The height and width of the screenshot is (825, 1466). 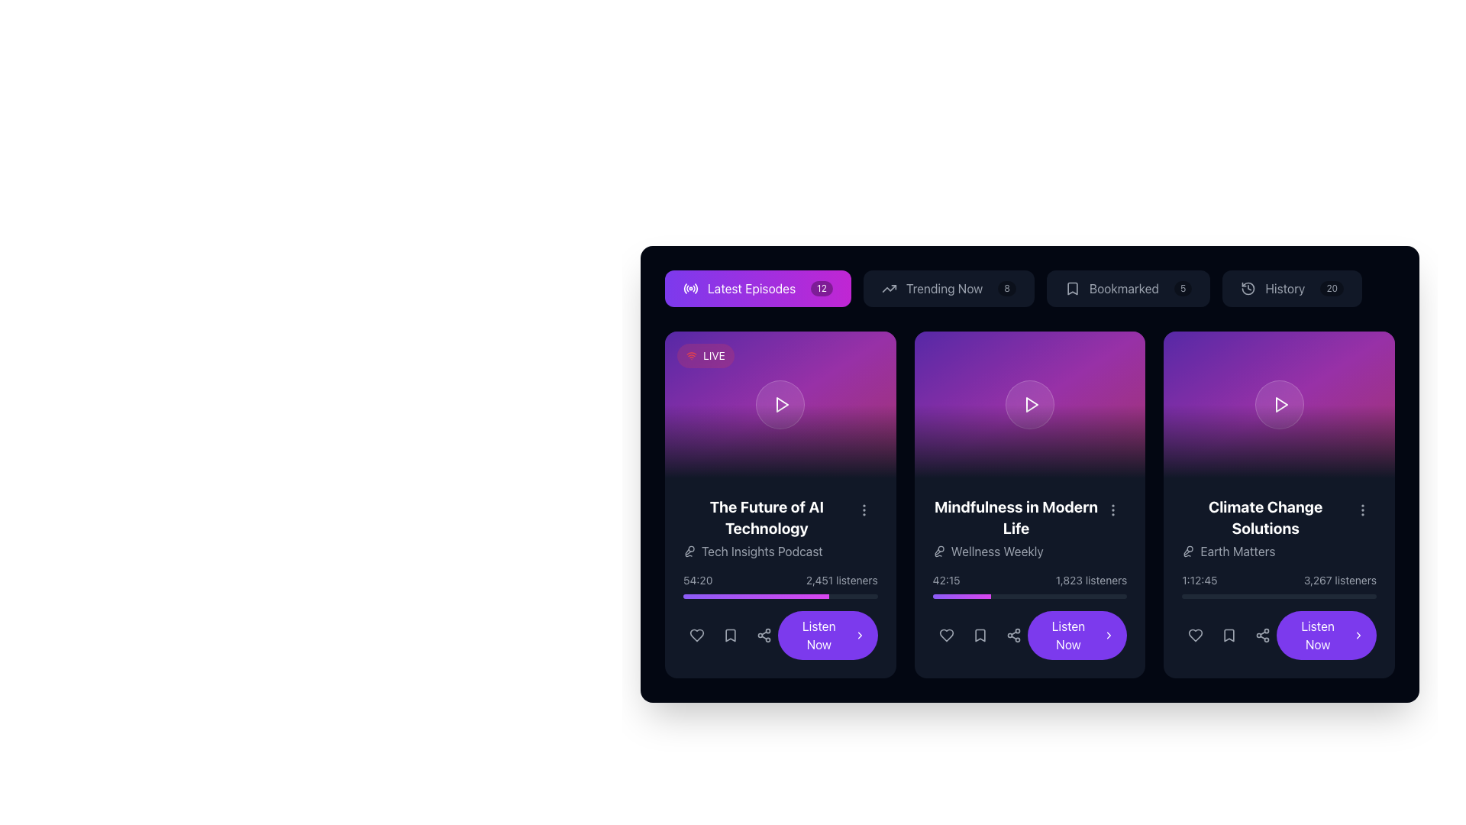 I want to click on the Icon button for the 'Mindfulness in Modern Life' podcast, so click(x=980, y=636).